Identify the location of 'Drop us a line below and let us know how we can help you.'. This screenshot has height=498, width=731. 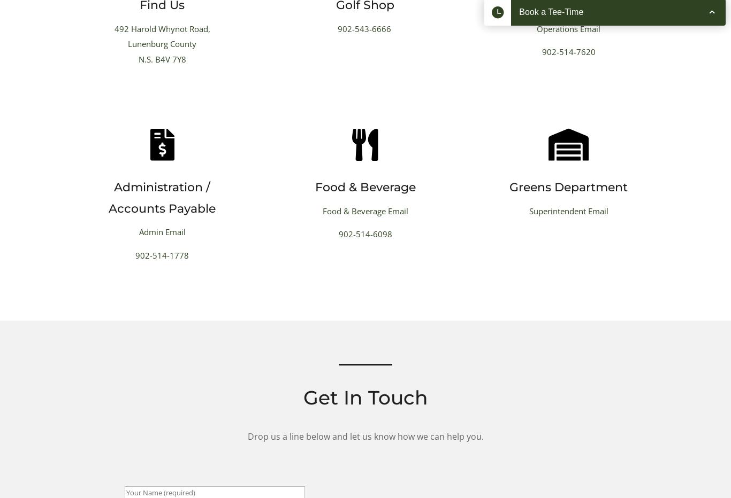
(364, 435).